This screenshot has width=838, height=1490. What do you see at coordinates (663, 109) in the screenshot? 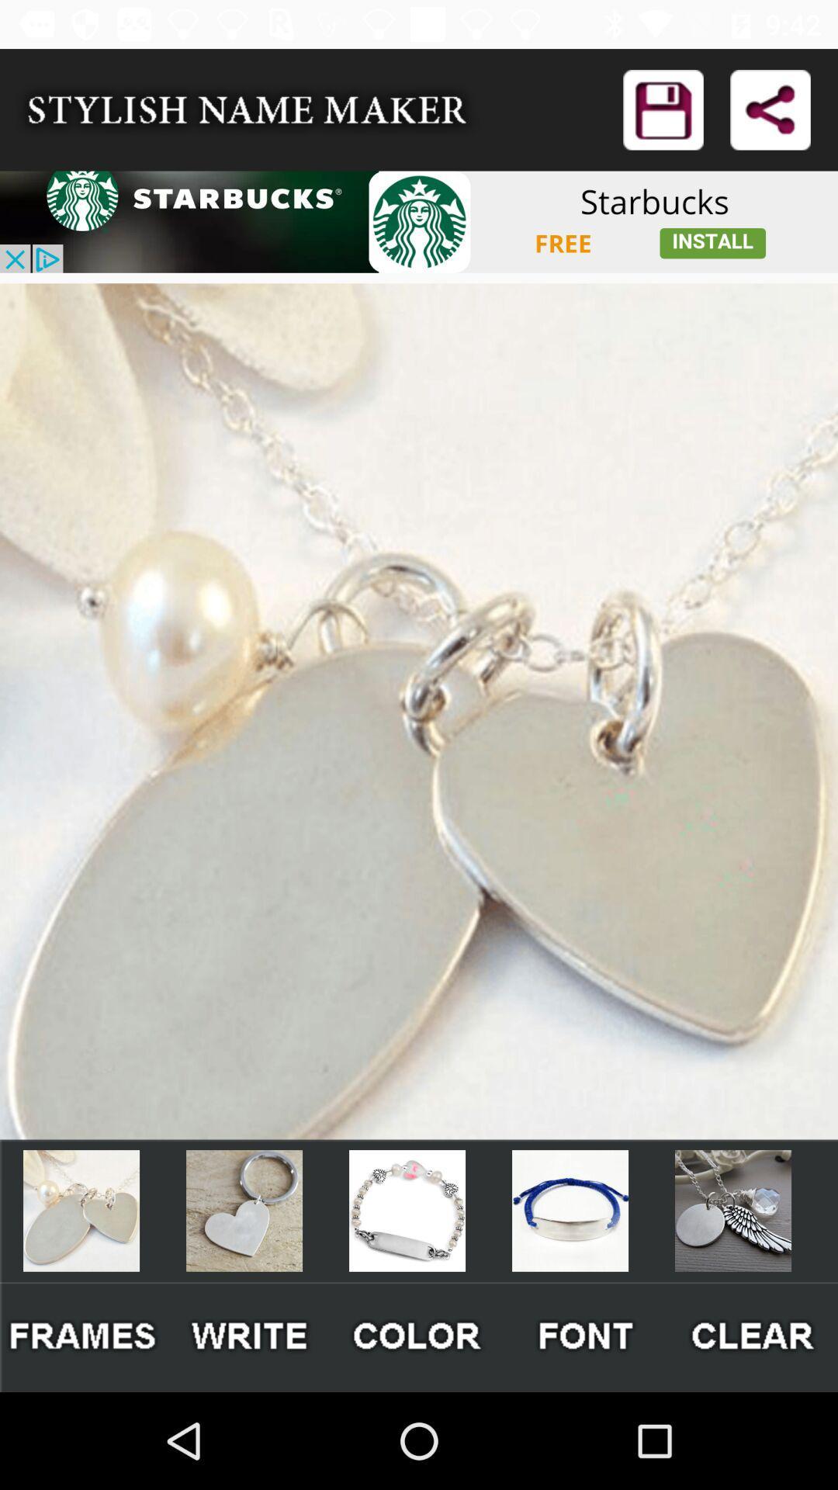
I see `share the article` at bounding box center [663, 109].